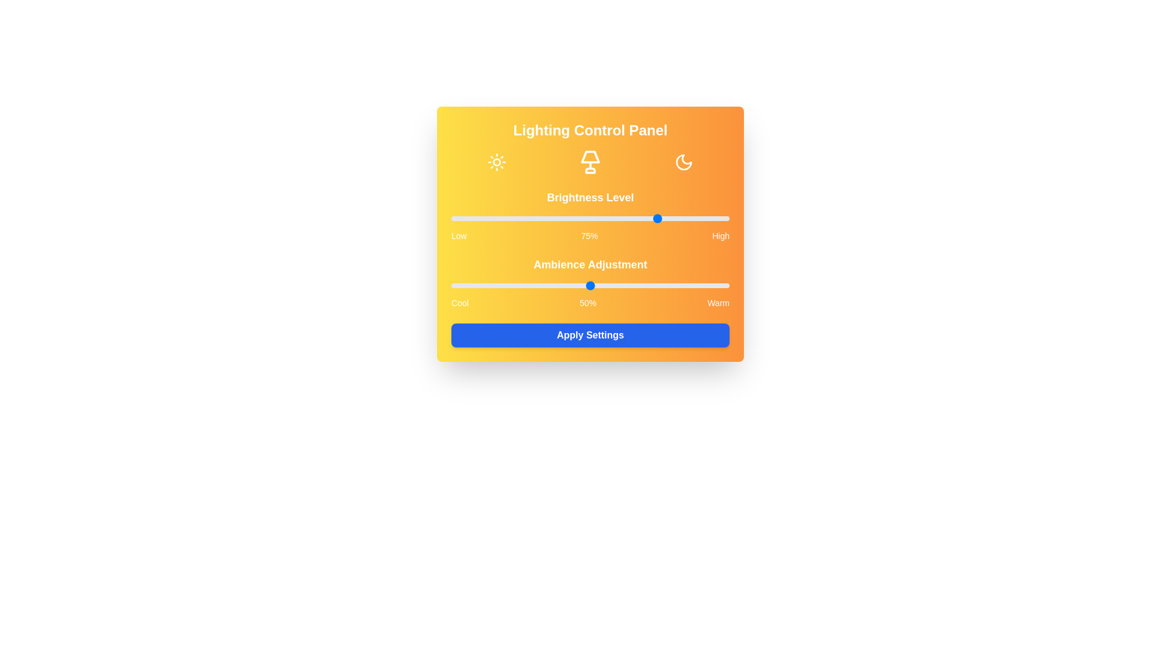 The height and width of the screenshot is (647, 1151). I want to click on the ambiance level to 19% by adjusting the slider, so click(504, 286).